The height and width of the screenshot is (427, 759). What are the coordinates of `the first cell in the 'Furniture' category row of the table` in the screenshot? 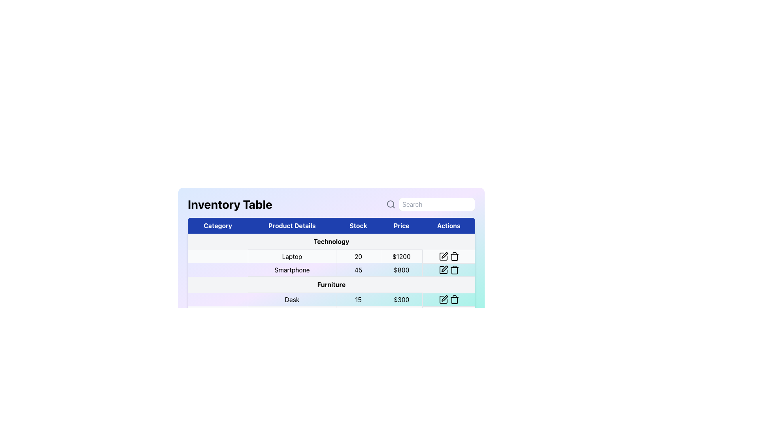 It's located at (218, 299).